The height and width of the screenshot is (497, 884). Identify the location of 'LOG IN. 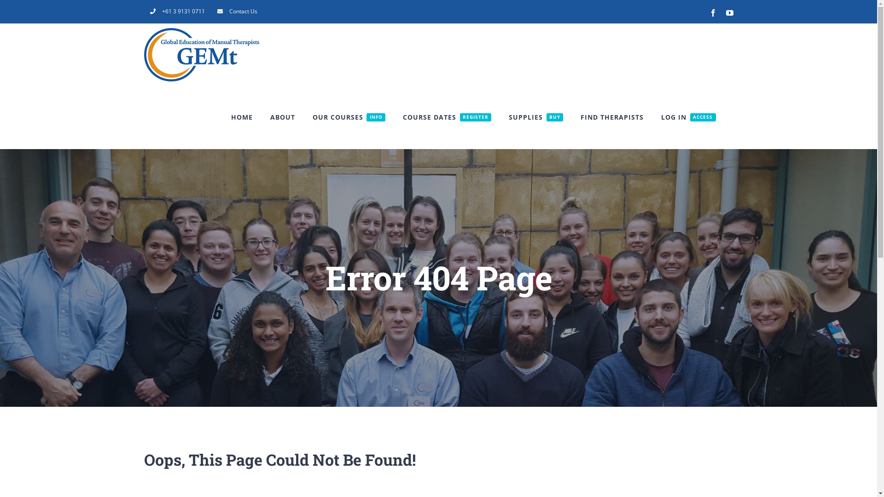
(688, 116).